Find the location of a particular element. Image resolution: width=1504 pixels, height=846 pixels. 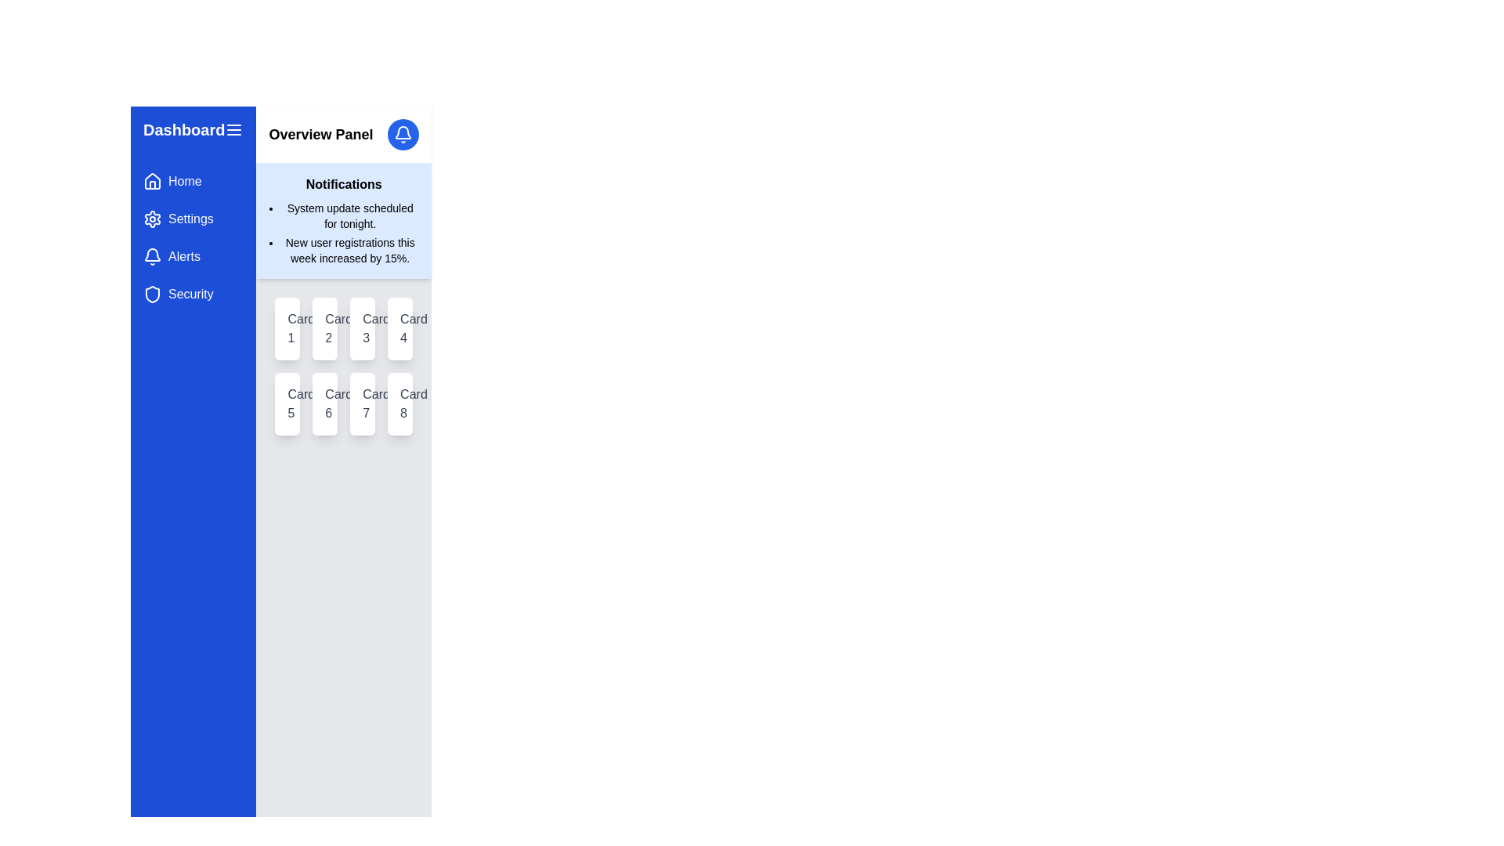

the navigational button or link with an icon and label located in the sidebar, positioned below the 'Home' navigation item and above the 'Alerts' navigation item is located at coordinates (193, 219).